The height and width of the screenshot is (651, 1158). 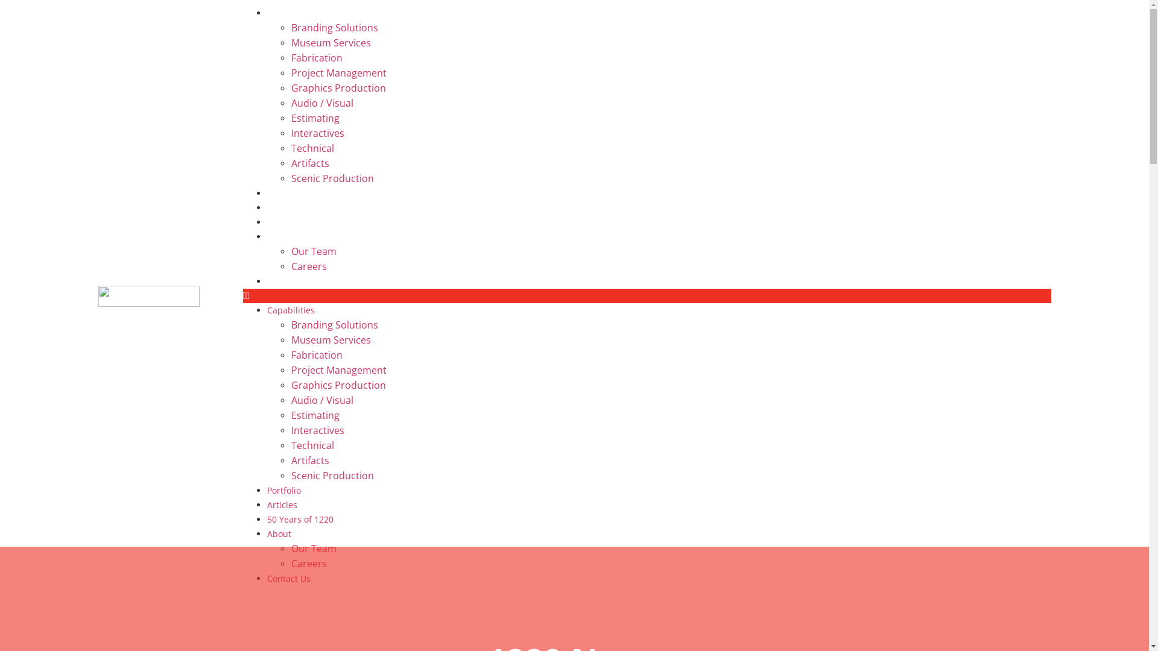 I want to click on 'Technical', so click(x=312, y=148).